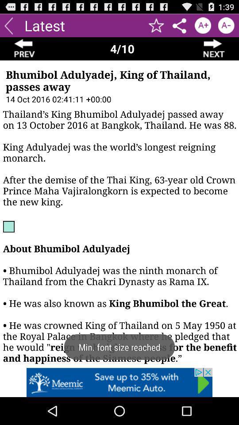  I want to click on checkbox, so click(226, 25).